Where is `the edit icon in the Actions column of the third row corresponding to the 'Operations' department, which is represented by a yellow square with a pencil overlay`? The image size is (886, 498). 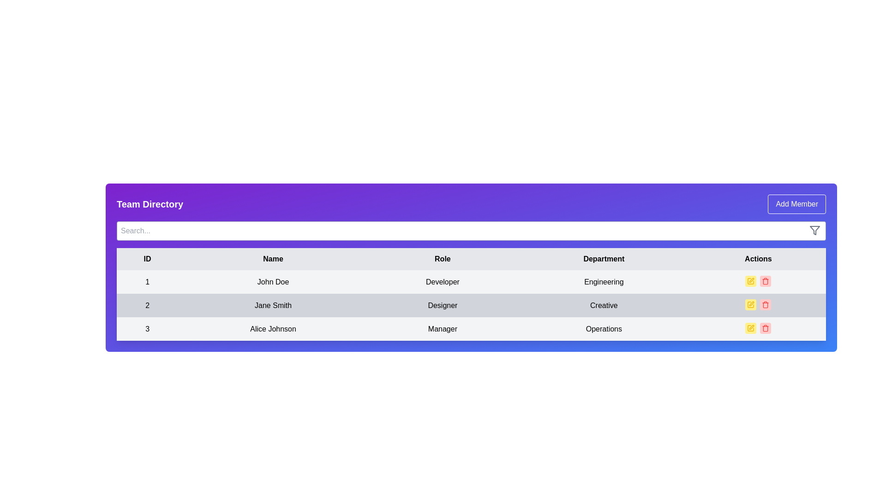
the edit icon in the Actions column of the third row corresponding to the 'Operations' department, which is represented by a yellow square with a pencil overlay is located at coordinates (751, 328).